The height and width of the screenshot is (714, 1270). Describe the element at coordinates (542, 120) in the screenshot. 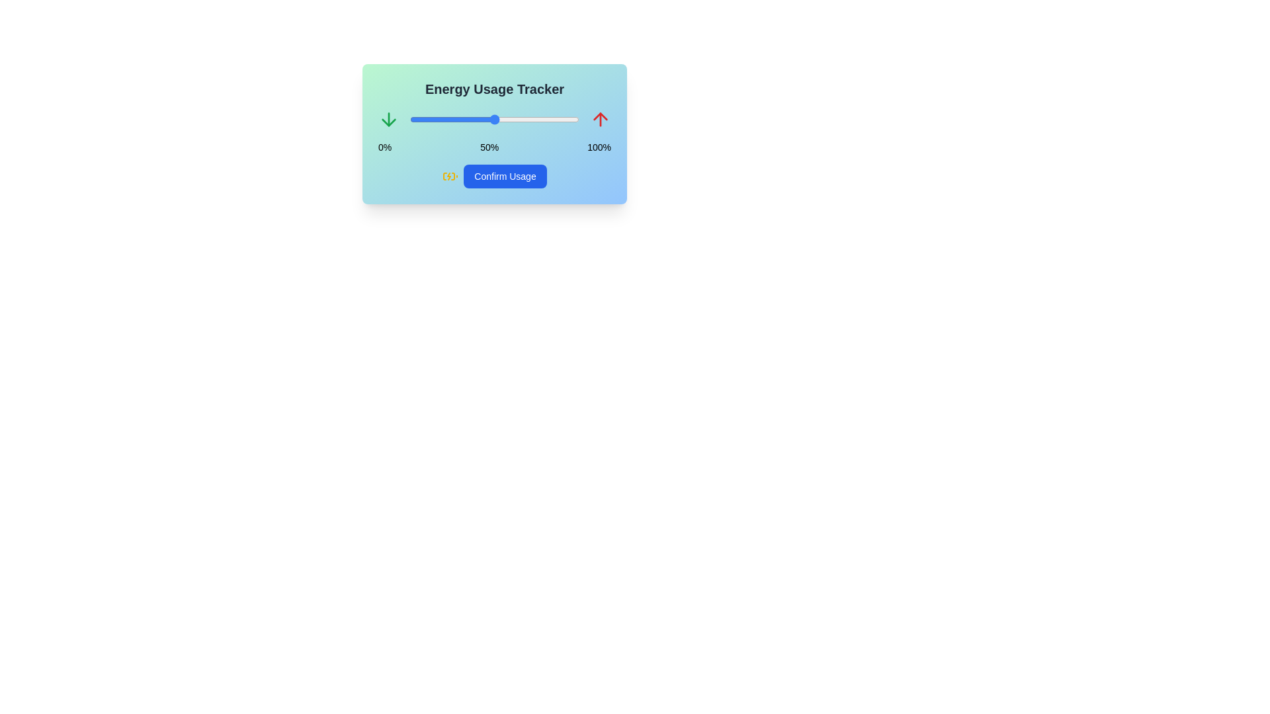

I see `the energy usage slider to 78%` at that location.